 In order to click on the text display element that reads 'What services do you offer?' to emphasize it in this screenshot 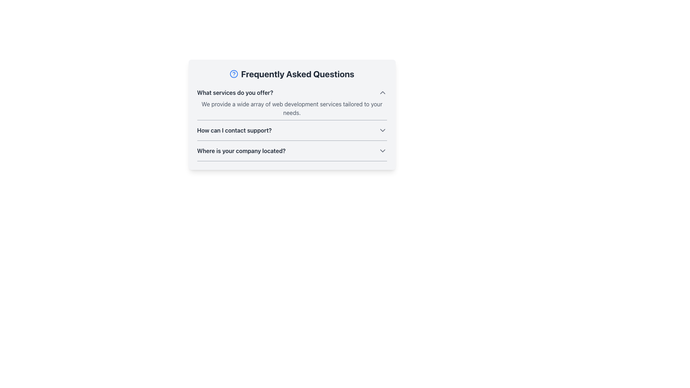, I will do `click(235, 92)`.